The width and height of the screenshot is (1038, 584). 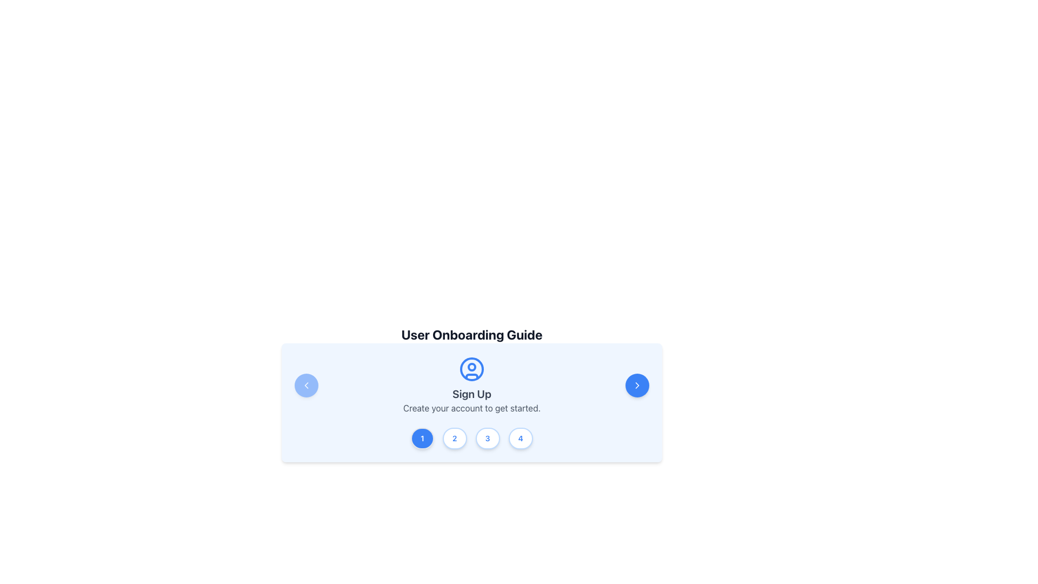 I want to click on the 'User Onboarding Guide' text label, which is a bold and prominently displayed element at the top of the onboarding steps section, so click(x=472, y=334).